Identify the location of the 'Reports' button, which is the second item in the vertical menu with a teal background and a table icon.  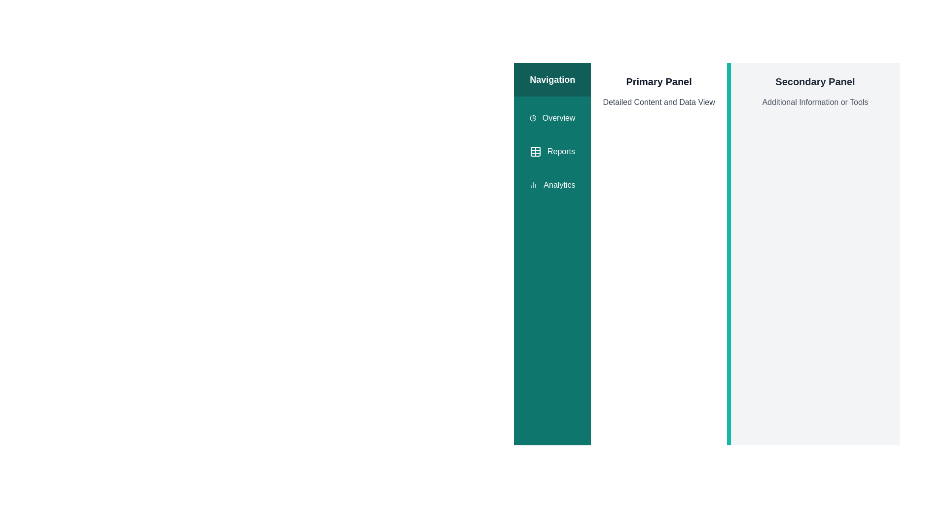
(551, 152).